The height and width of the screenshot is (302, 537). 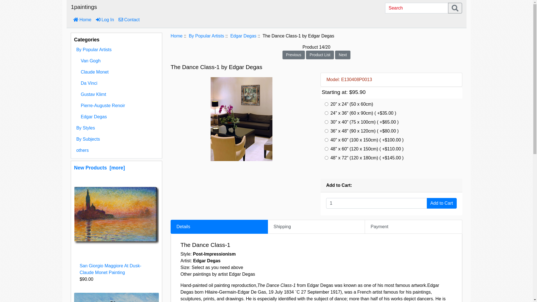 What do you see at coordinates (293, 54) in the screenshot?
I see `' Previous '` at bounding box center [293, 54].